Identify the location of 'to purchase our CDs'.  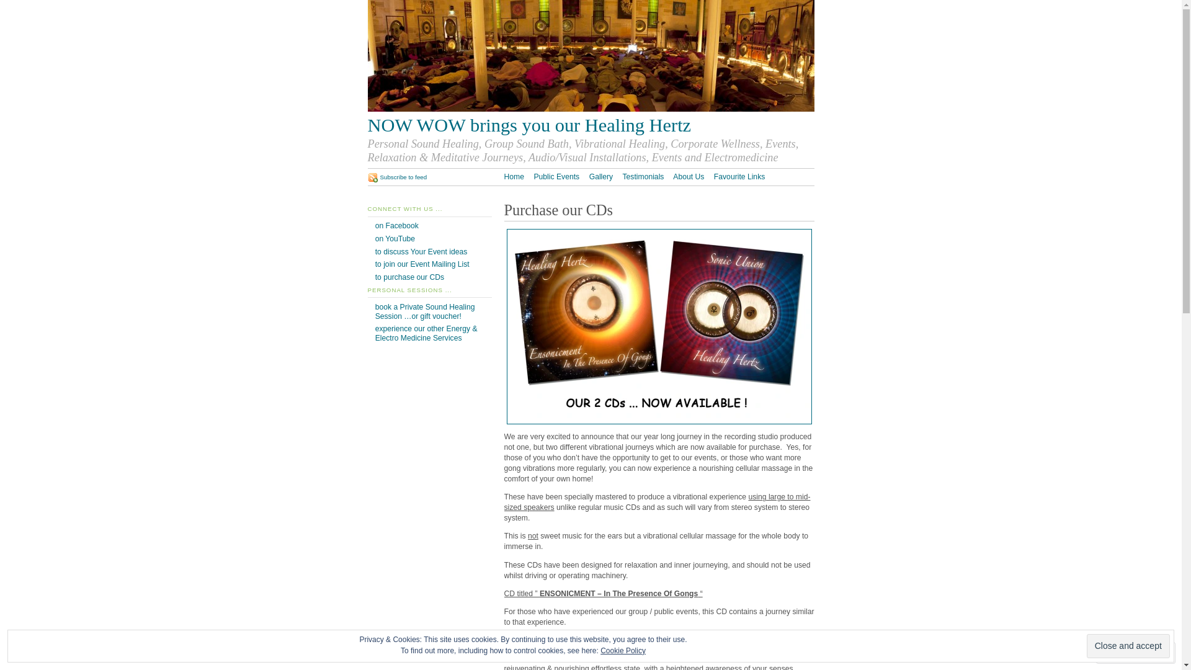
(409, 277).